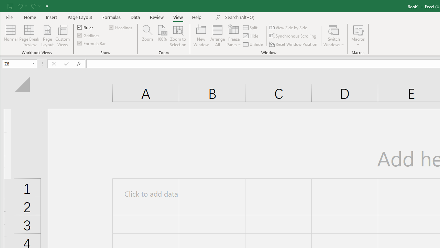  Describe the element at coordinates (334, 36) in the screenshot. I see `'Switch Windows'` at that location.